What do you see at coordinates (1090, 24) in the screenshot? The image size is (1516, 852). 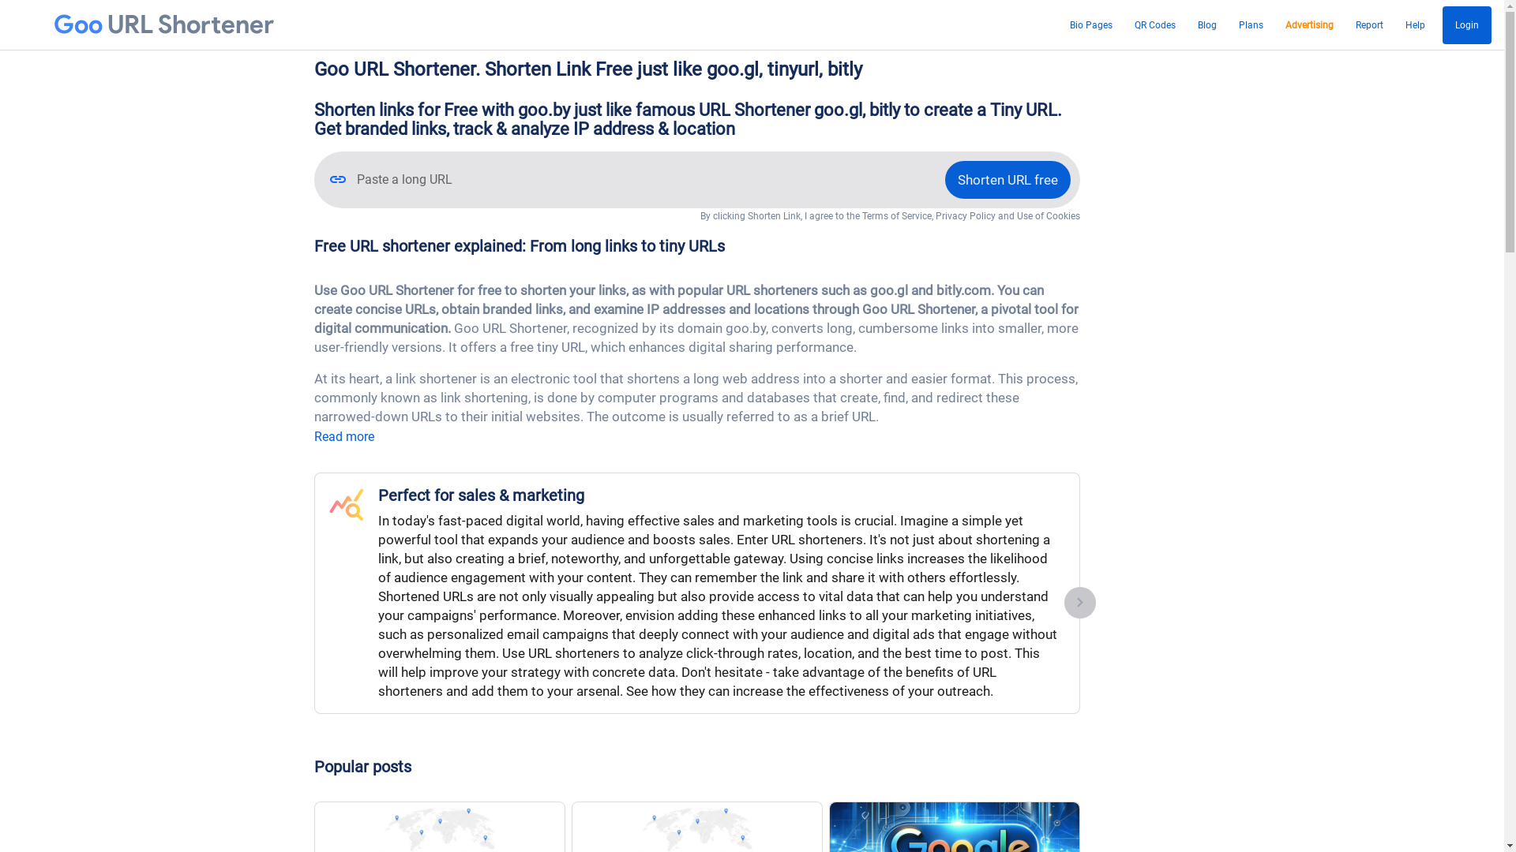 I see `'Bio Pages'` at bounding box center [1090, 24].